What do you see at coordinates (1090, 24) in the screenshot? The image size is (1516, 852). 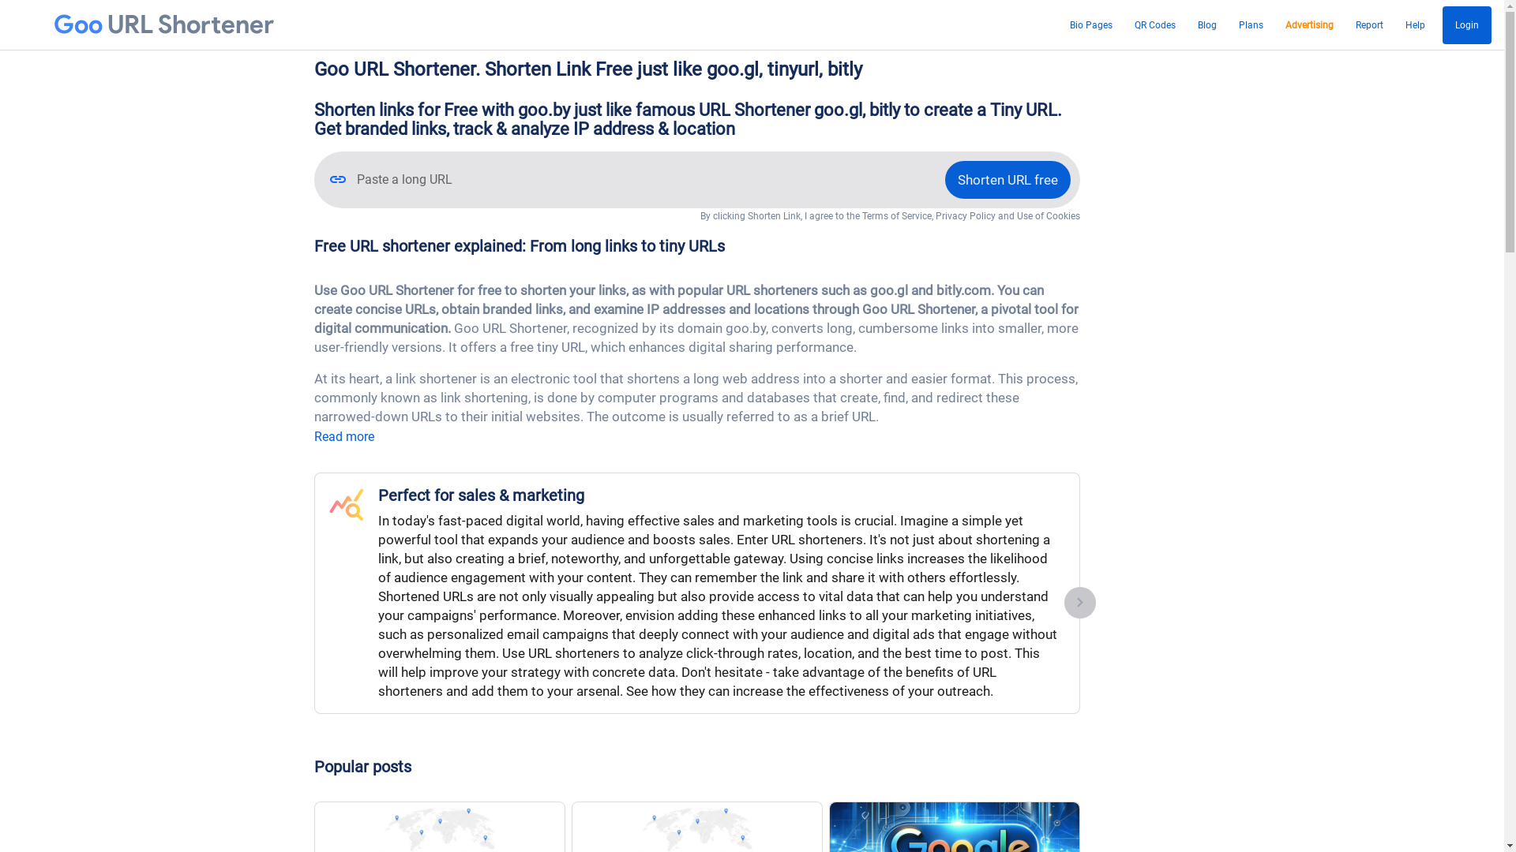 I see `'Bio Pages'` at bounding box center [1090, 24].